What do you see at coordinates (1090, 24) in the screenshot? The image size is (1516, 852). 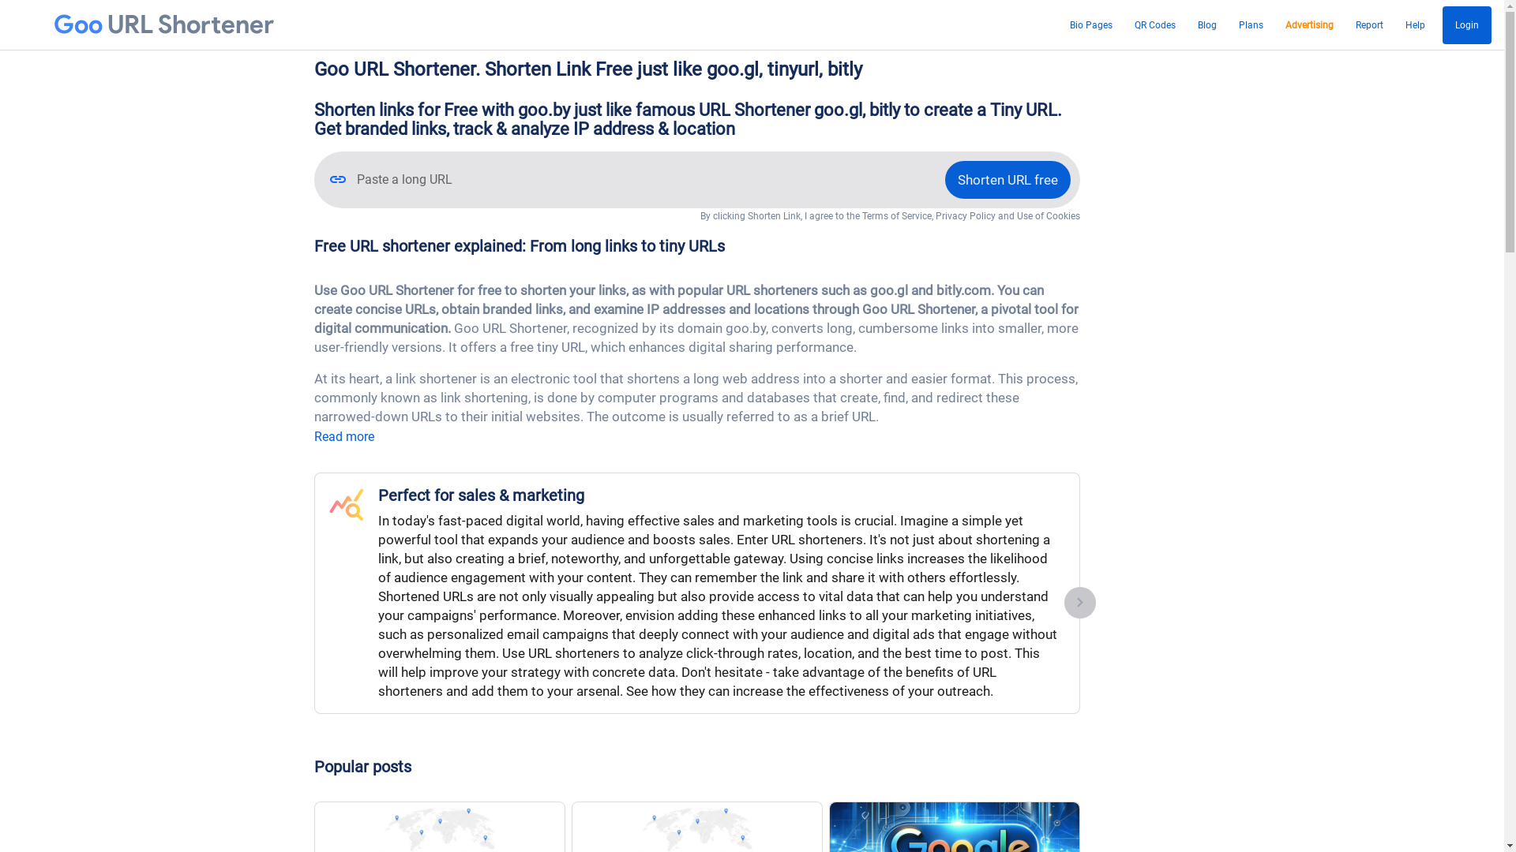 I see `'Bio Pages'` at bounding box center [1090, 24].